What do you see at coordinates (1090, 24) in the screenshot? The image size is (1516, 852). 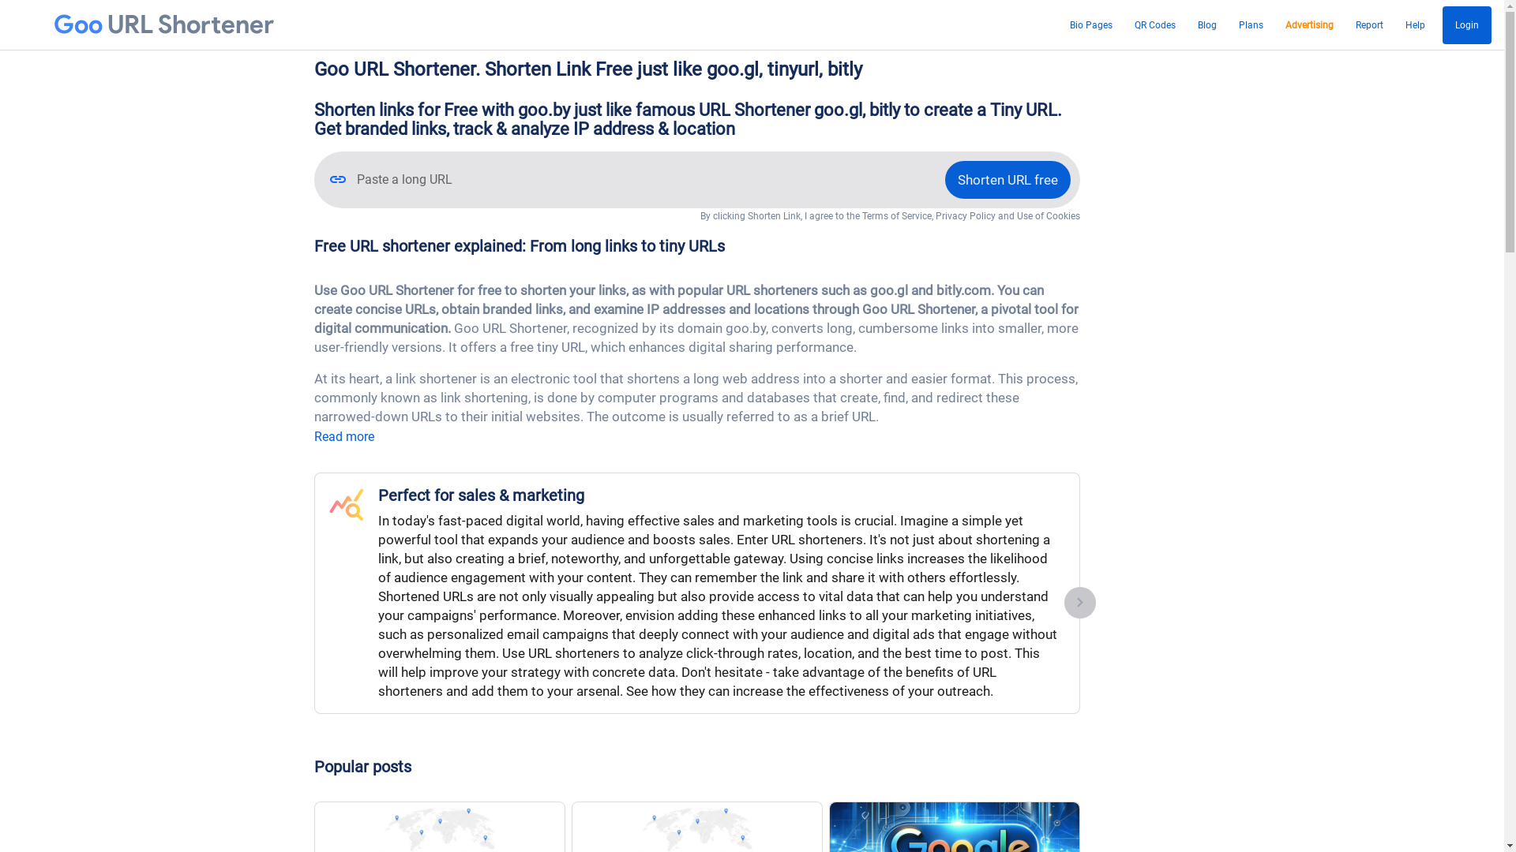 I see `'Bio Pages'` at bounding box center [1090, 24].